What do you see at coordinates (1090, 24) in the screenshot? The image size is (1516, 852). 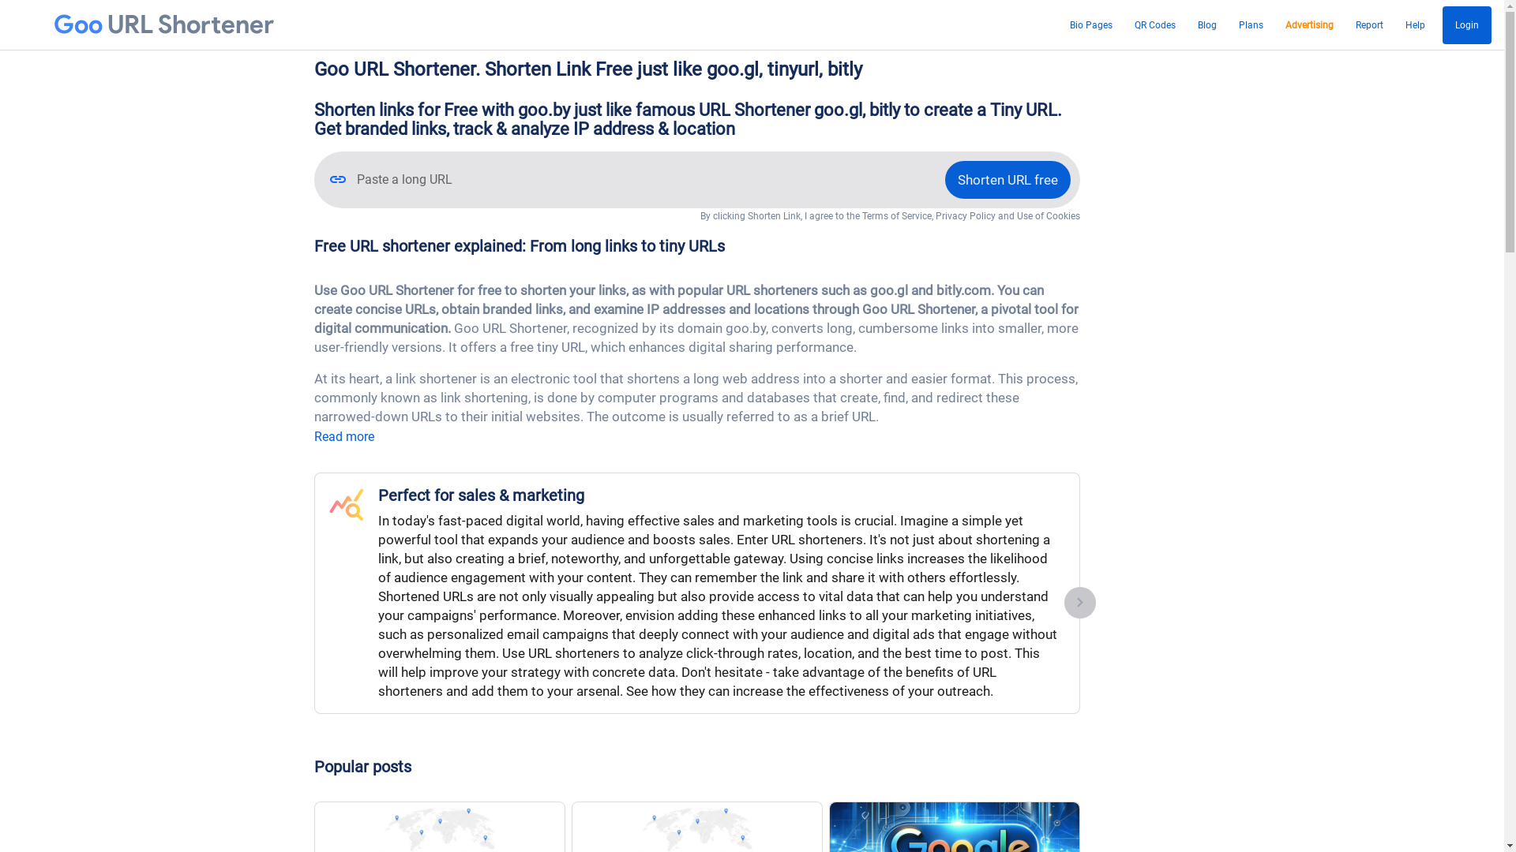 I see `'Bio Pages'` at bounding box center [1090, 24].